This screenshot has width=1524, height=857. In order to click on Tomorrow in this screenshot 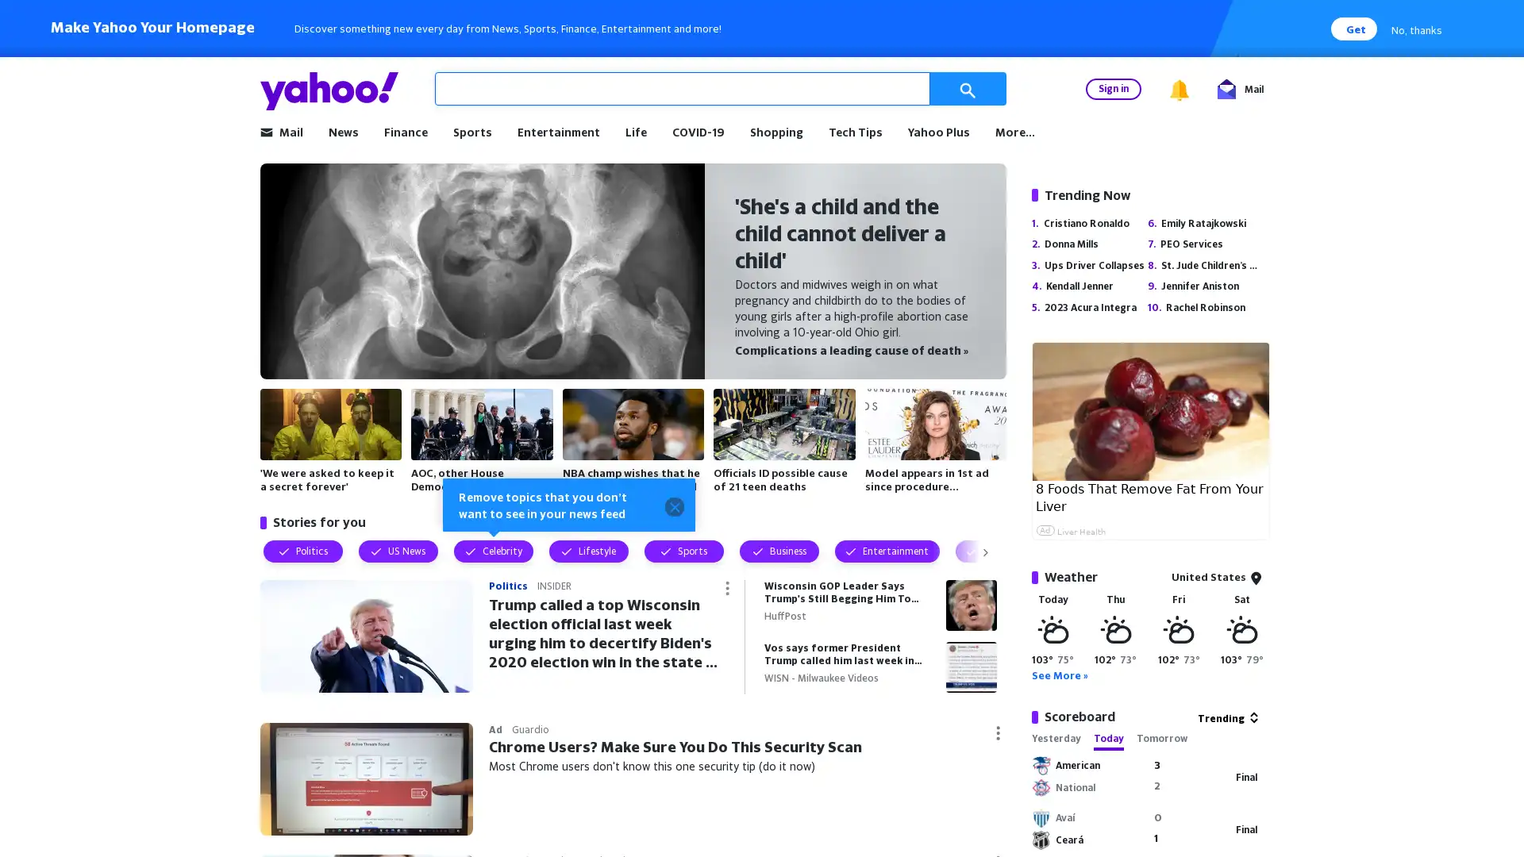, I will do `click(1162, 741)`.